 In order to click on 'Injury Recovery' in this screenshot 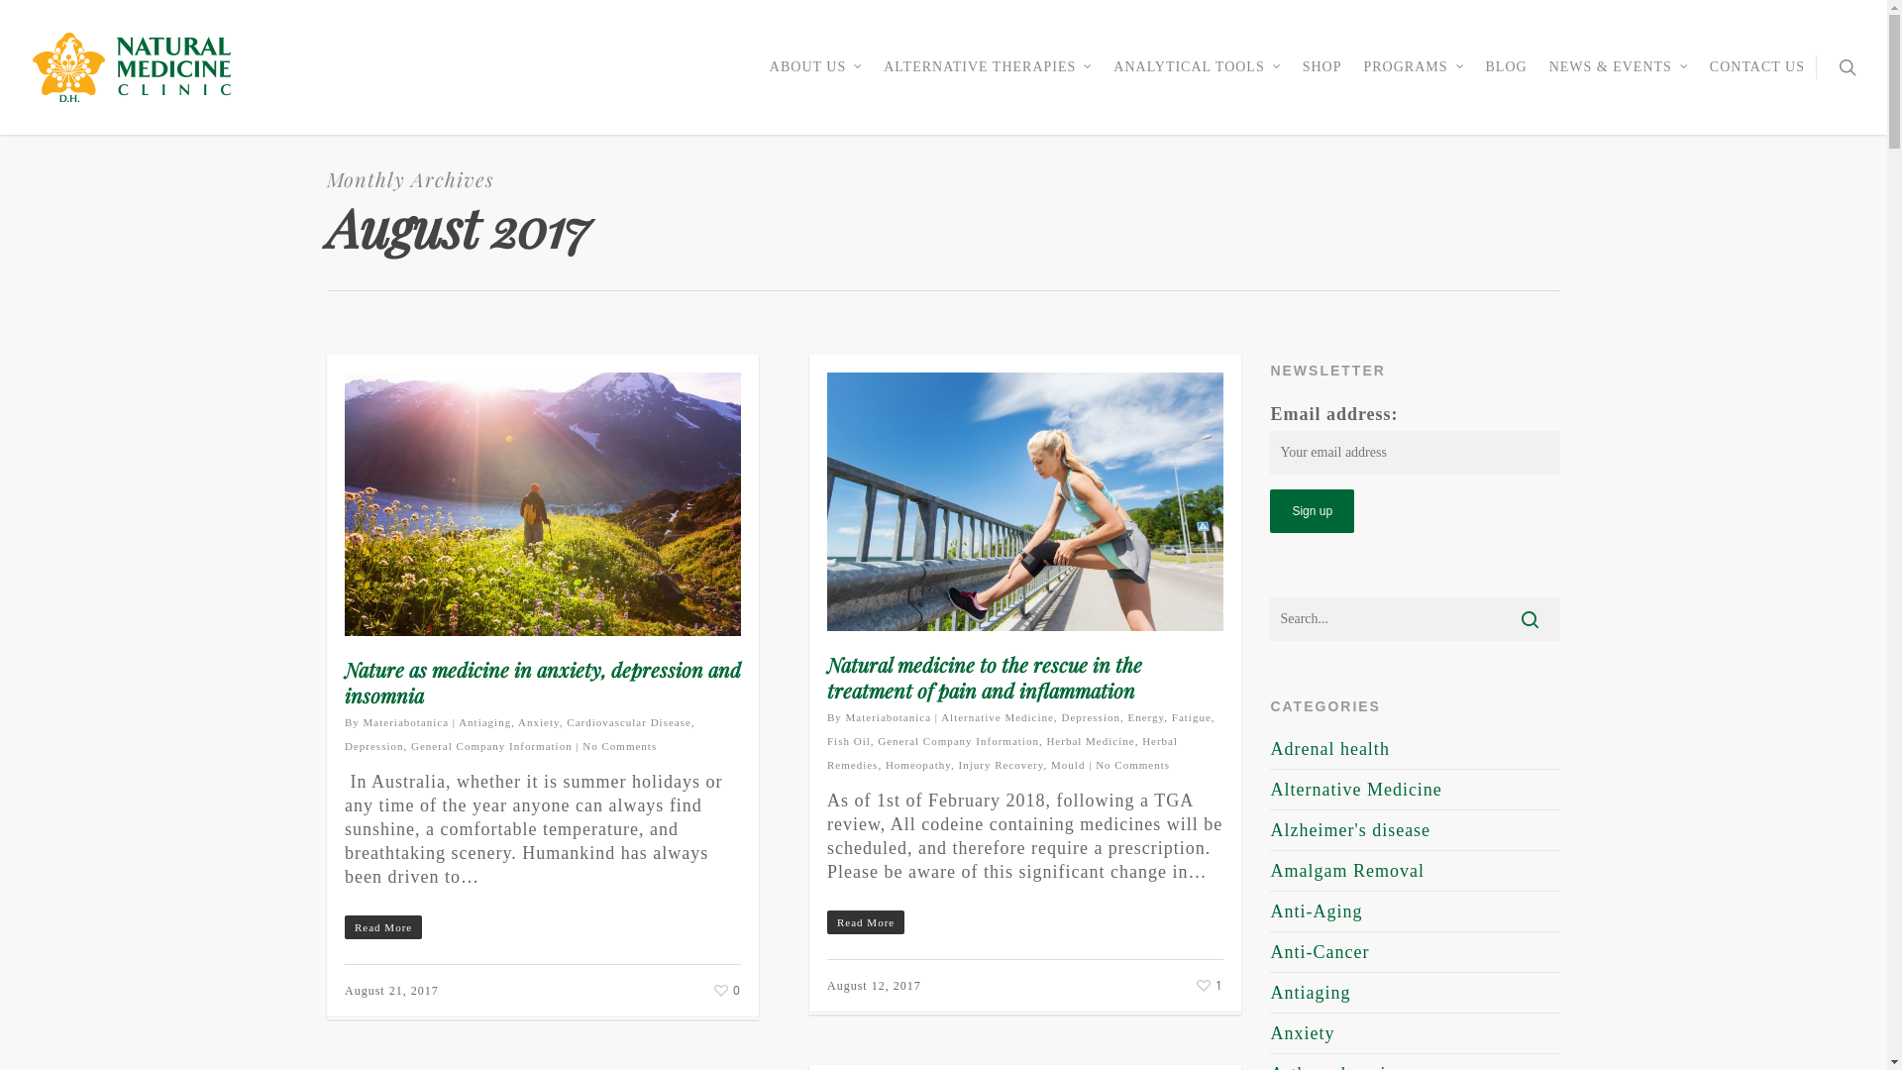, I will do `click(1002, 763)`.